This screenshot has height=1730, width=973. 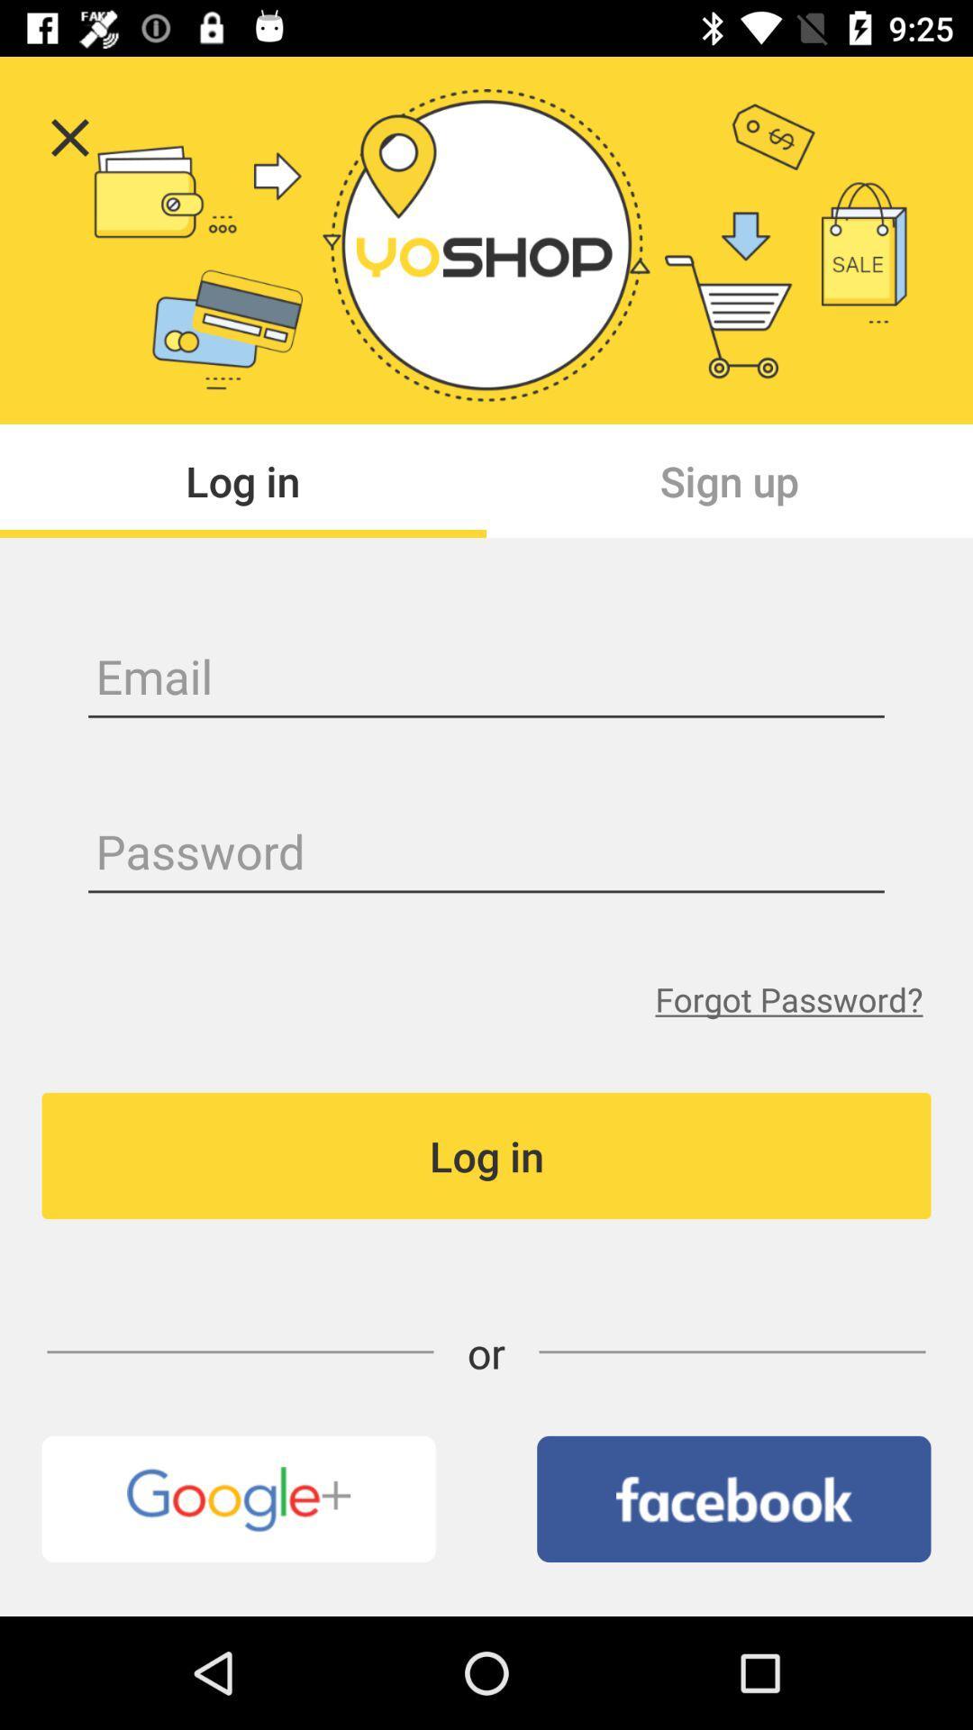 I want to click on close, so click(x=68, y=137).